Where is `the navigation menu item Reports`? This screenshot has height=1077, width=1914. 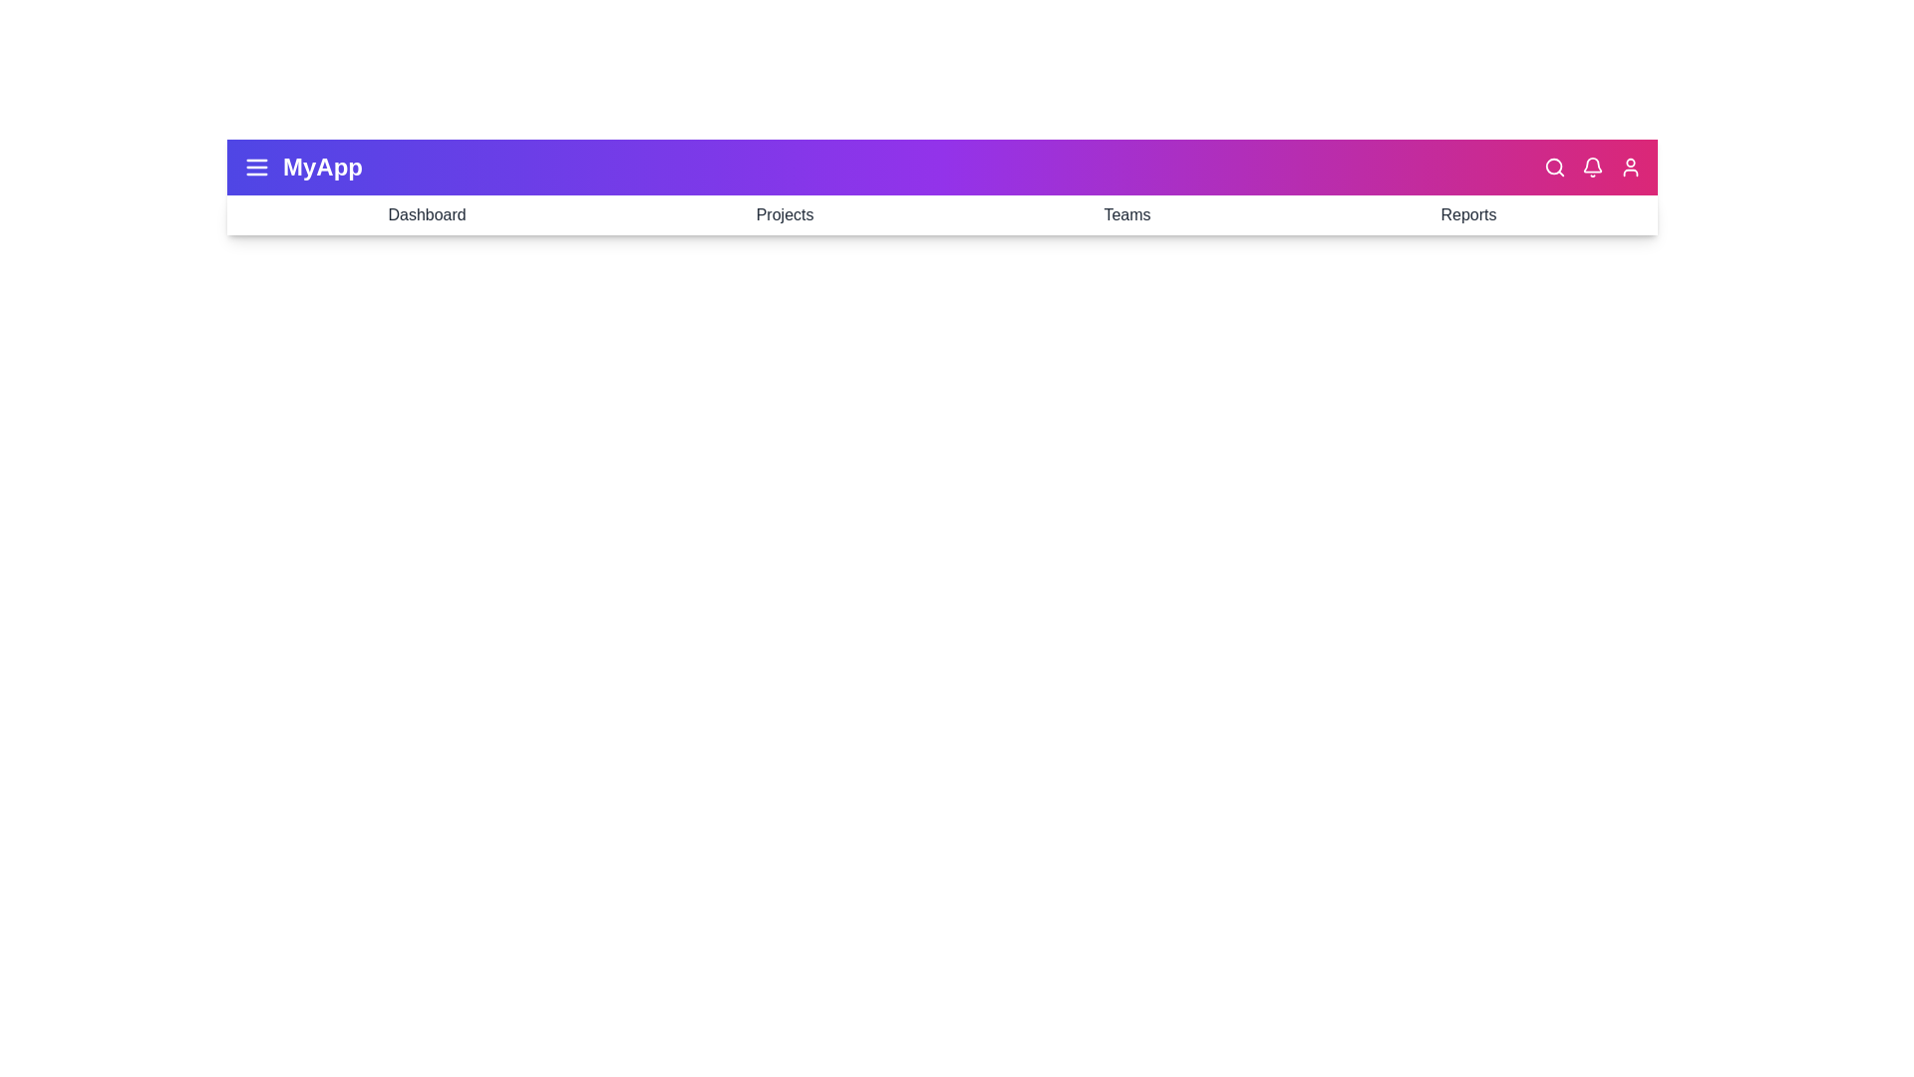 the navigation menu item Reports is located at coordinates (1468, 215).